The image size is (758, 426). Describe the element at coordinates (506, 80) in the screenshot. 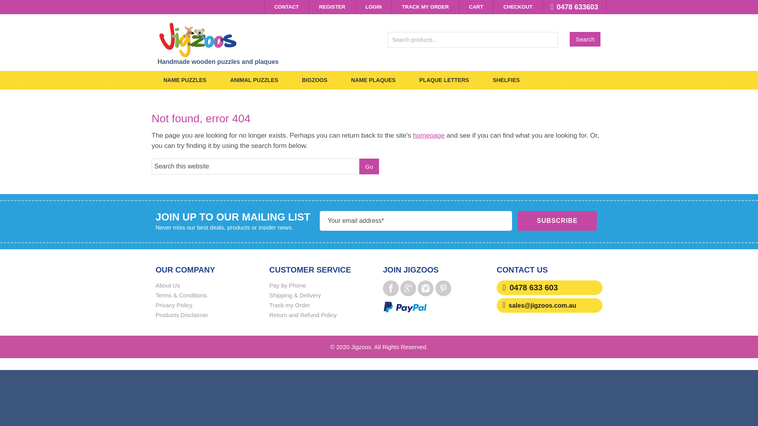

I see `'SHELFIES'` at that location.